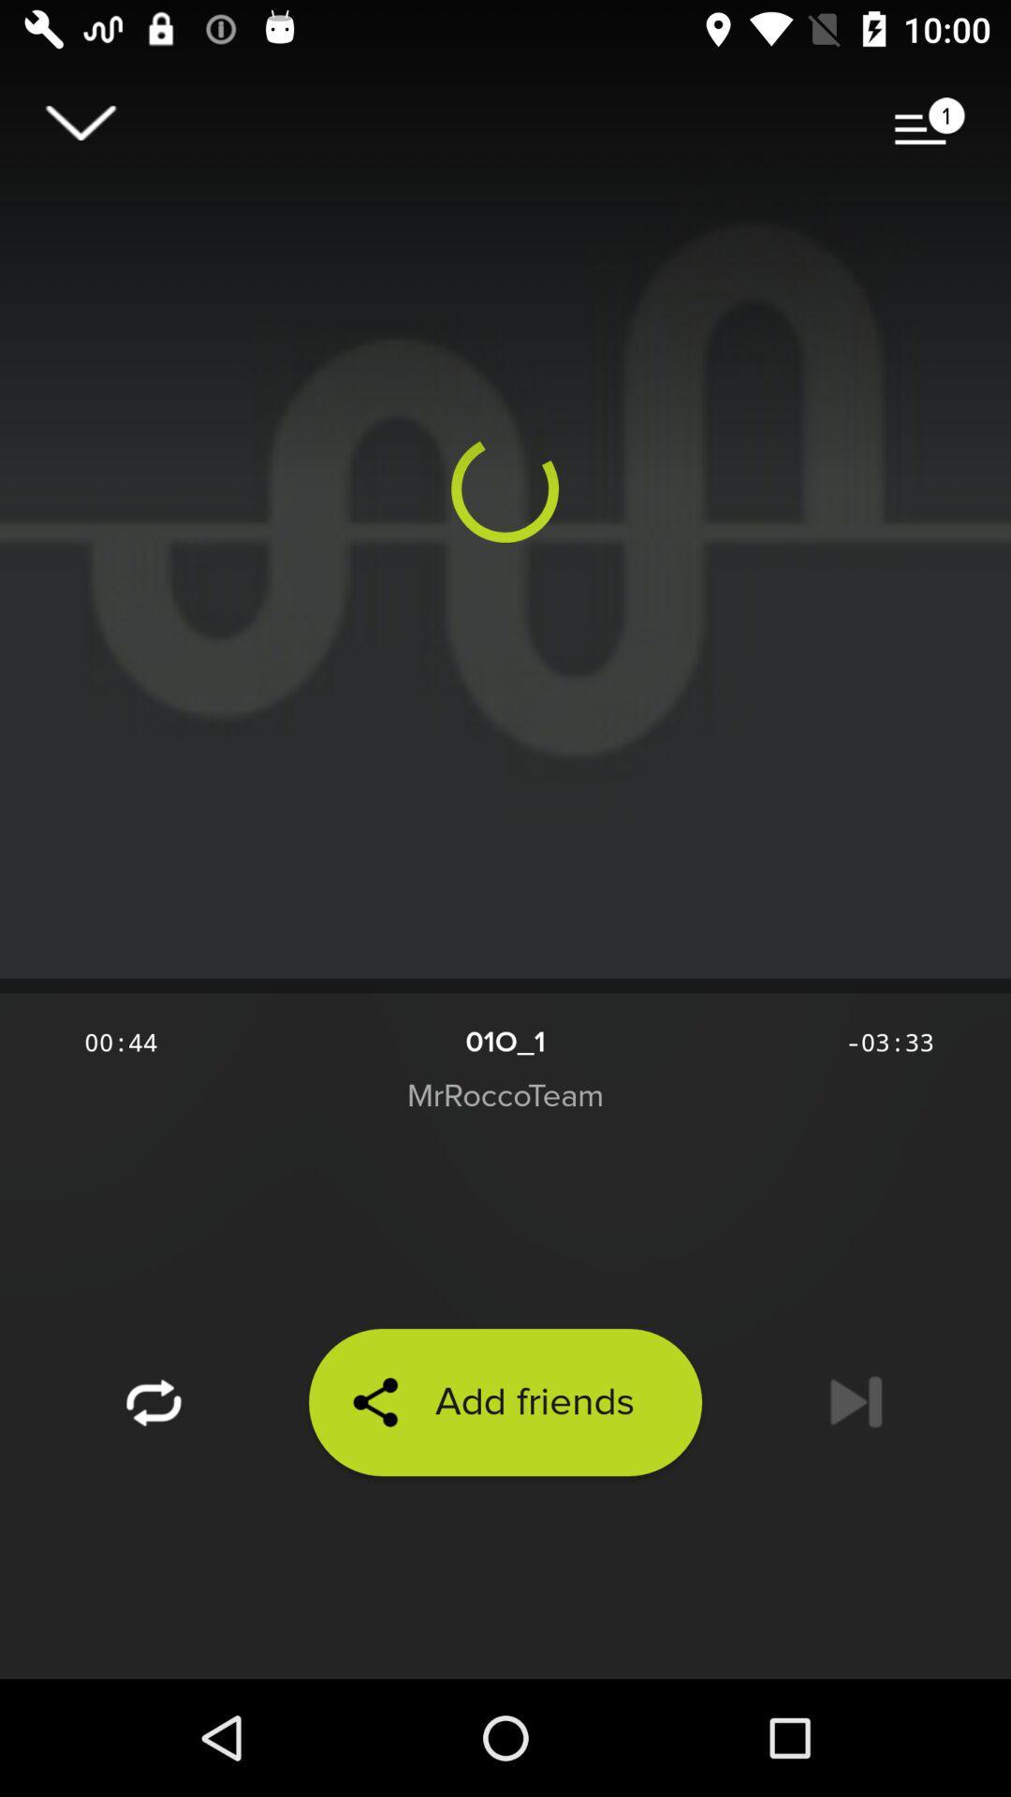  I want to click on the expand_more icon, so click(80, 122).